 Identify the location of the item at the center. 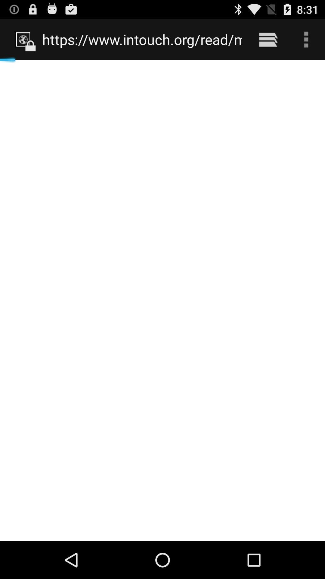
(162, 300).